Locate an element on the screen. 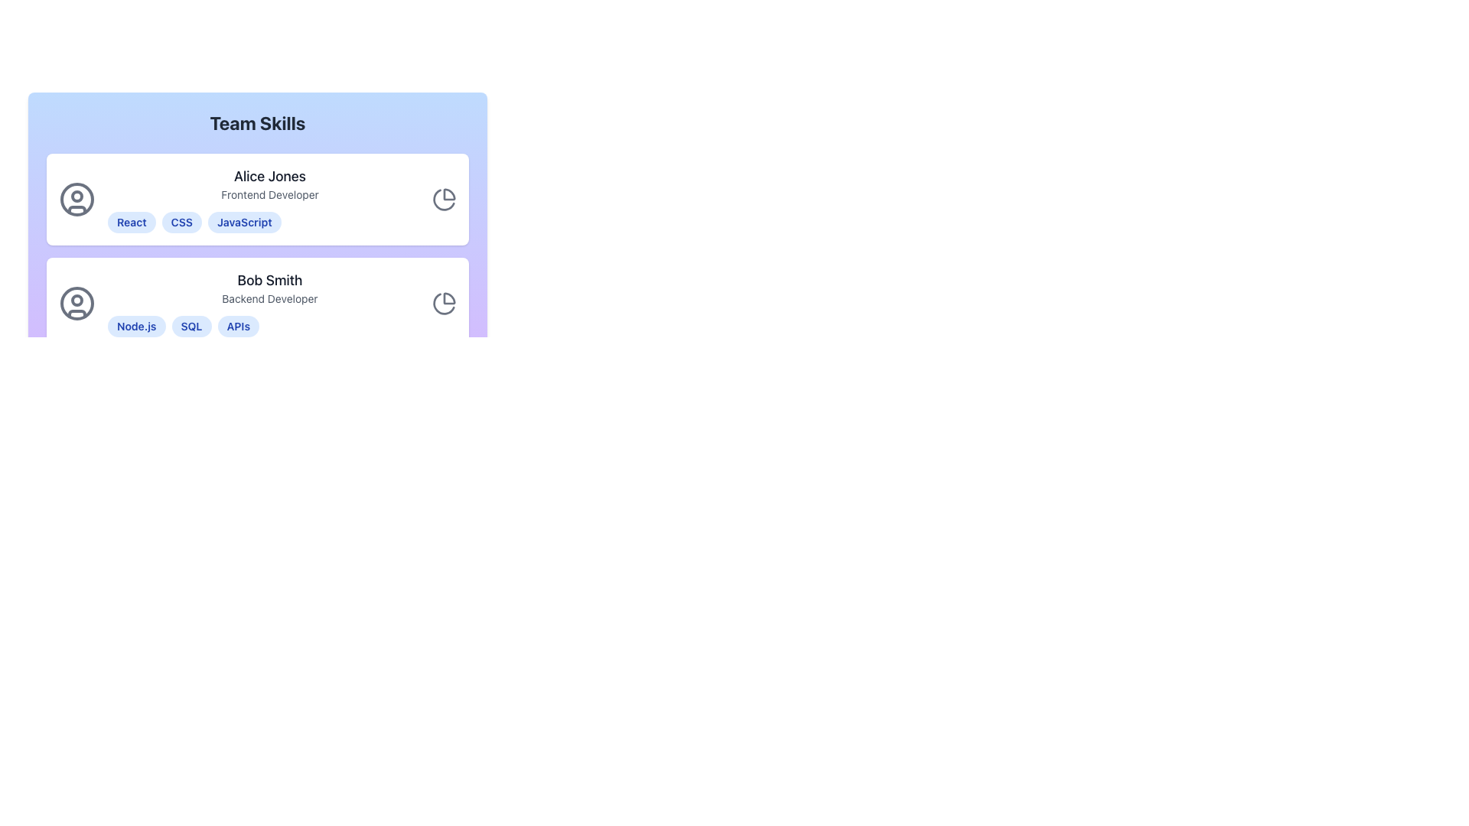 Image resolution: width=1469 pixels, height=826 pixels. the 'React' badge, which is a small, rounded rectangular badge with a light blue background and bold blue text is located at coordinates (132, 222).